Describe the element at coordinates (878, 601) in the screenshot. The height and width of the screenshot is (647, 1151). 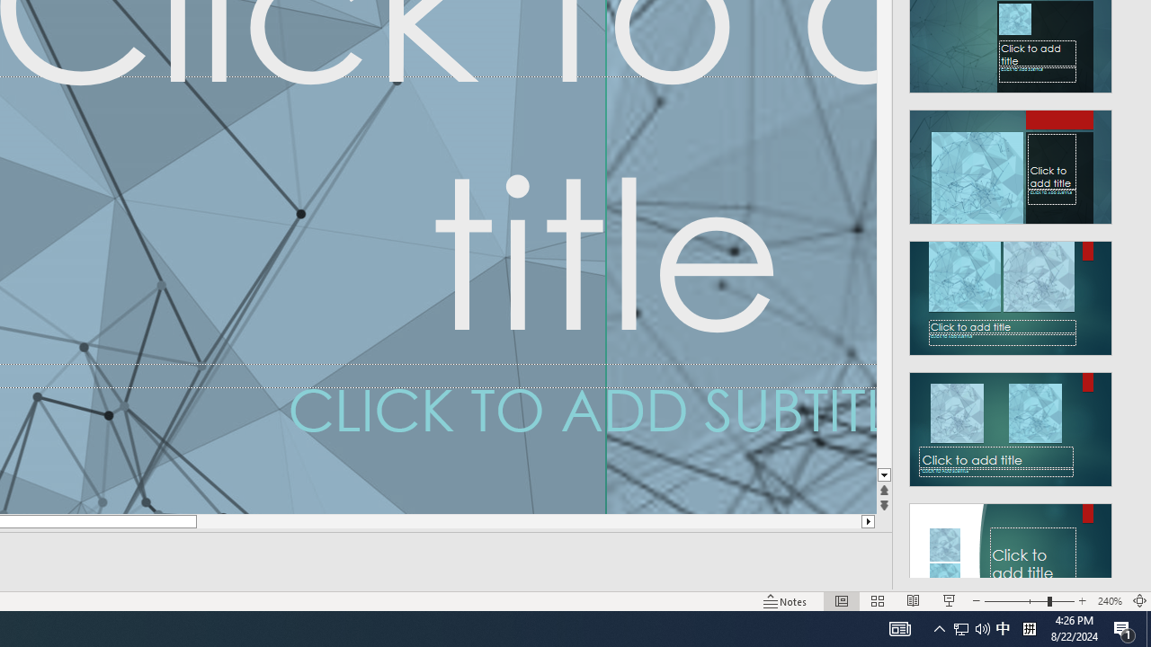
I see `'Slide Sorter'` at that location.